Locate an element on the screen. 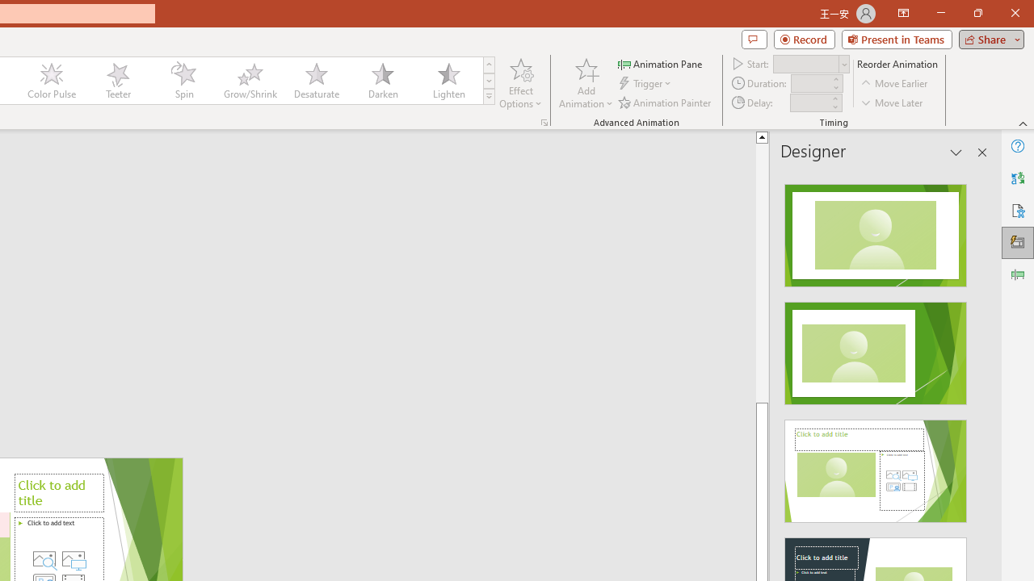  'Animation Pane' is located at coordinates (661, 63).